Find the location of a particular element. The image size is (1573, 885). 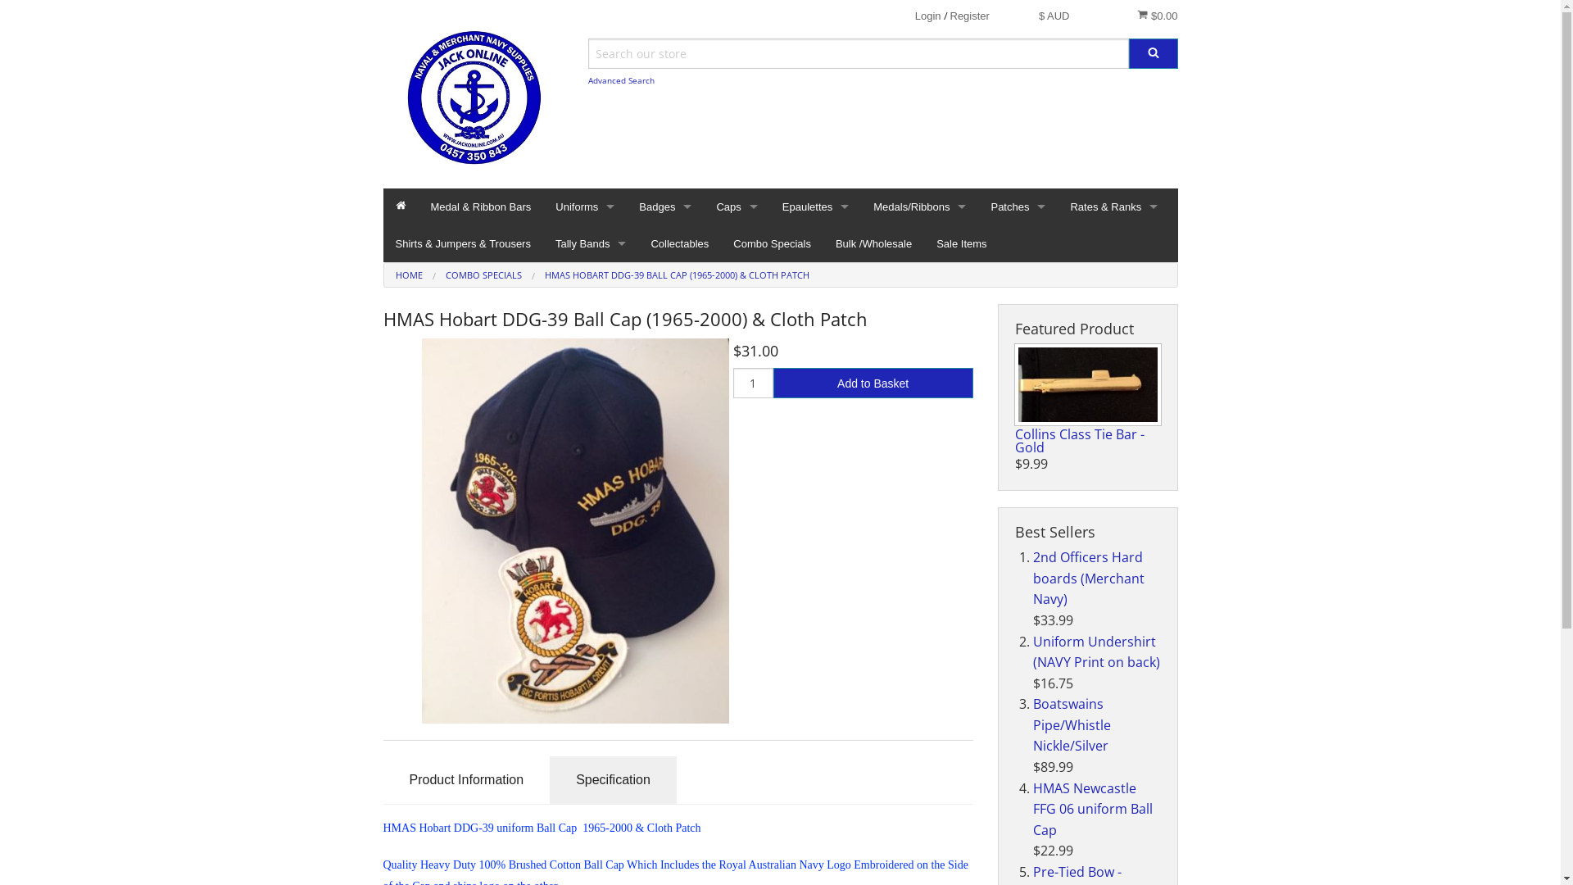

'Gold Wire Rates' is located at coordinates (1113, 263).